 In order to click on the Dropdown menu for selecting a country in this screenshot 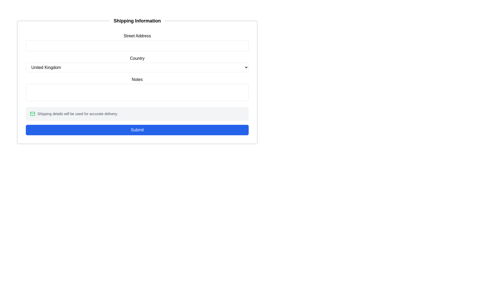, I will do `click(137, 67)`.